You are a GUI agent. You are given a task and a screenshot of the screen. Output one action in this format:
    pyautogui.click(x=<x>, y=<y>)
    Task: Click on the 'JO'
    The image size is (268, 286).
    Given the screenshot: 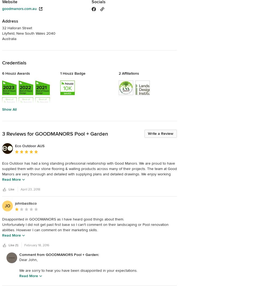 What is the action you would take?
    pyautogui.click(x=8, y=205)
    